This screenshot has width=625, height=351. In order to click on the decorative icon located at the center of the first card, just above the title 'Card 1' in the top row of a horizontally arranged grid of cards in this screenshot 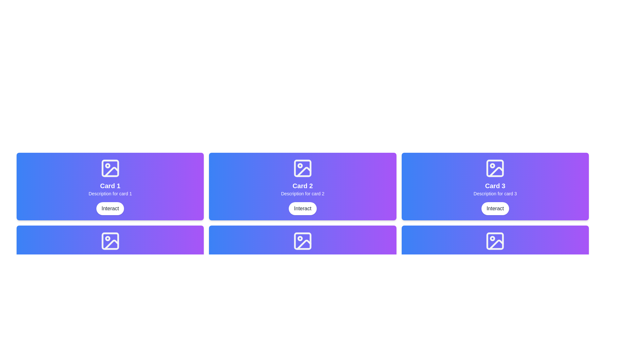, I will do `click(110, 168)`.